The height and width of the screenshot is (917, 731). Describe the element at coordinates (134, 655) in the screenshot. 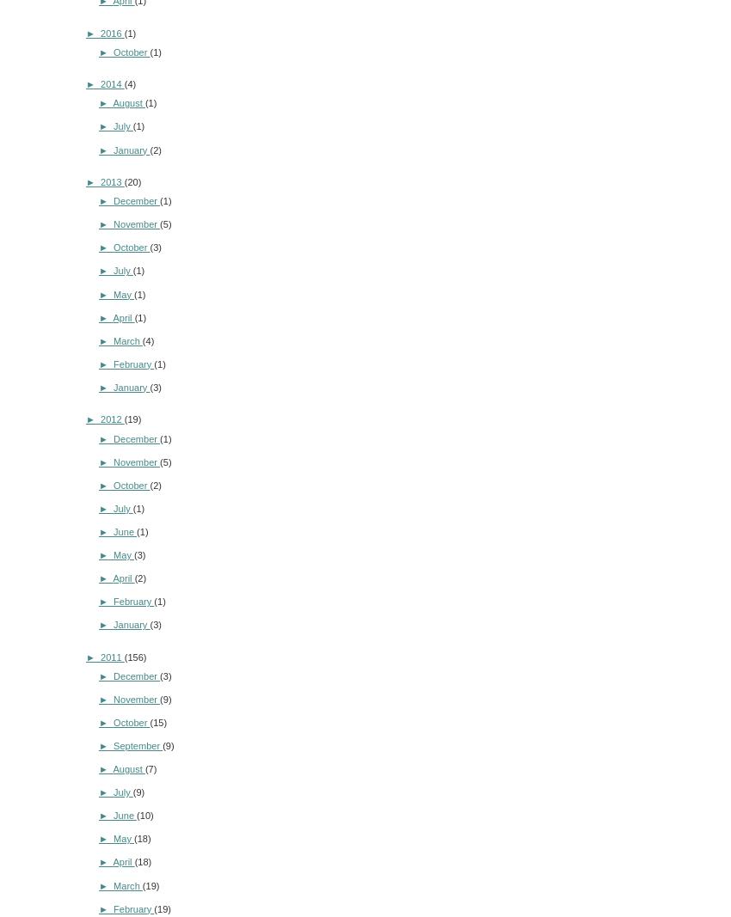

I see `'(156)'` at that location.